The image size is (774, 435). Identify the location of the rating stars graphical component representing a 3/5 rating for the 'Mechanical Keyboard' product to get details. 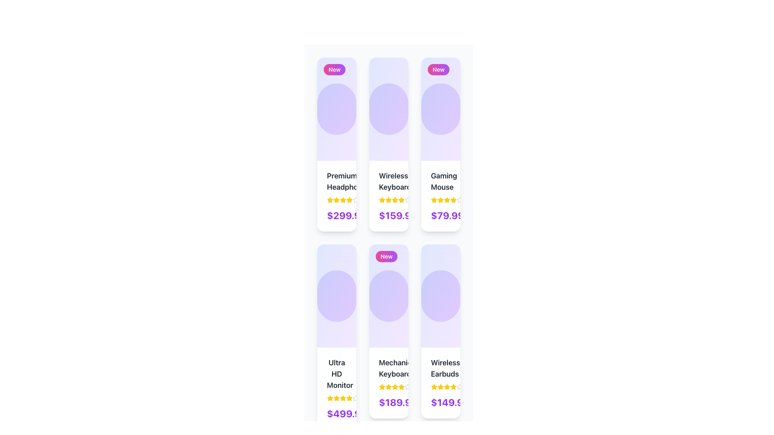
(389, 386).